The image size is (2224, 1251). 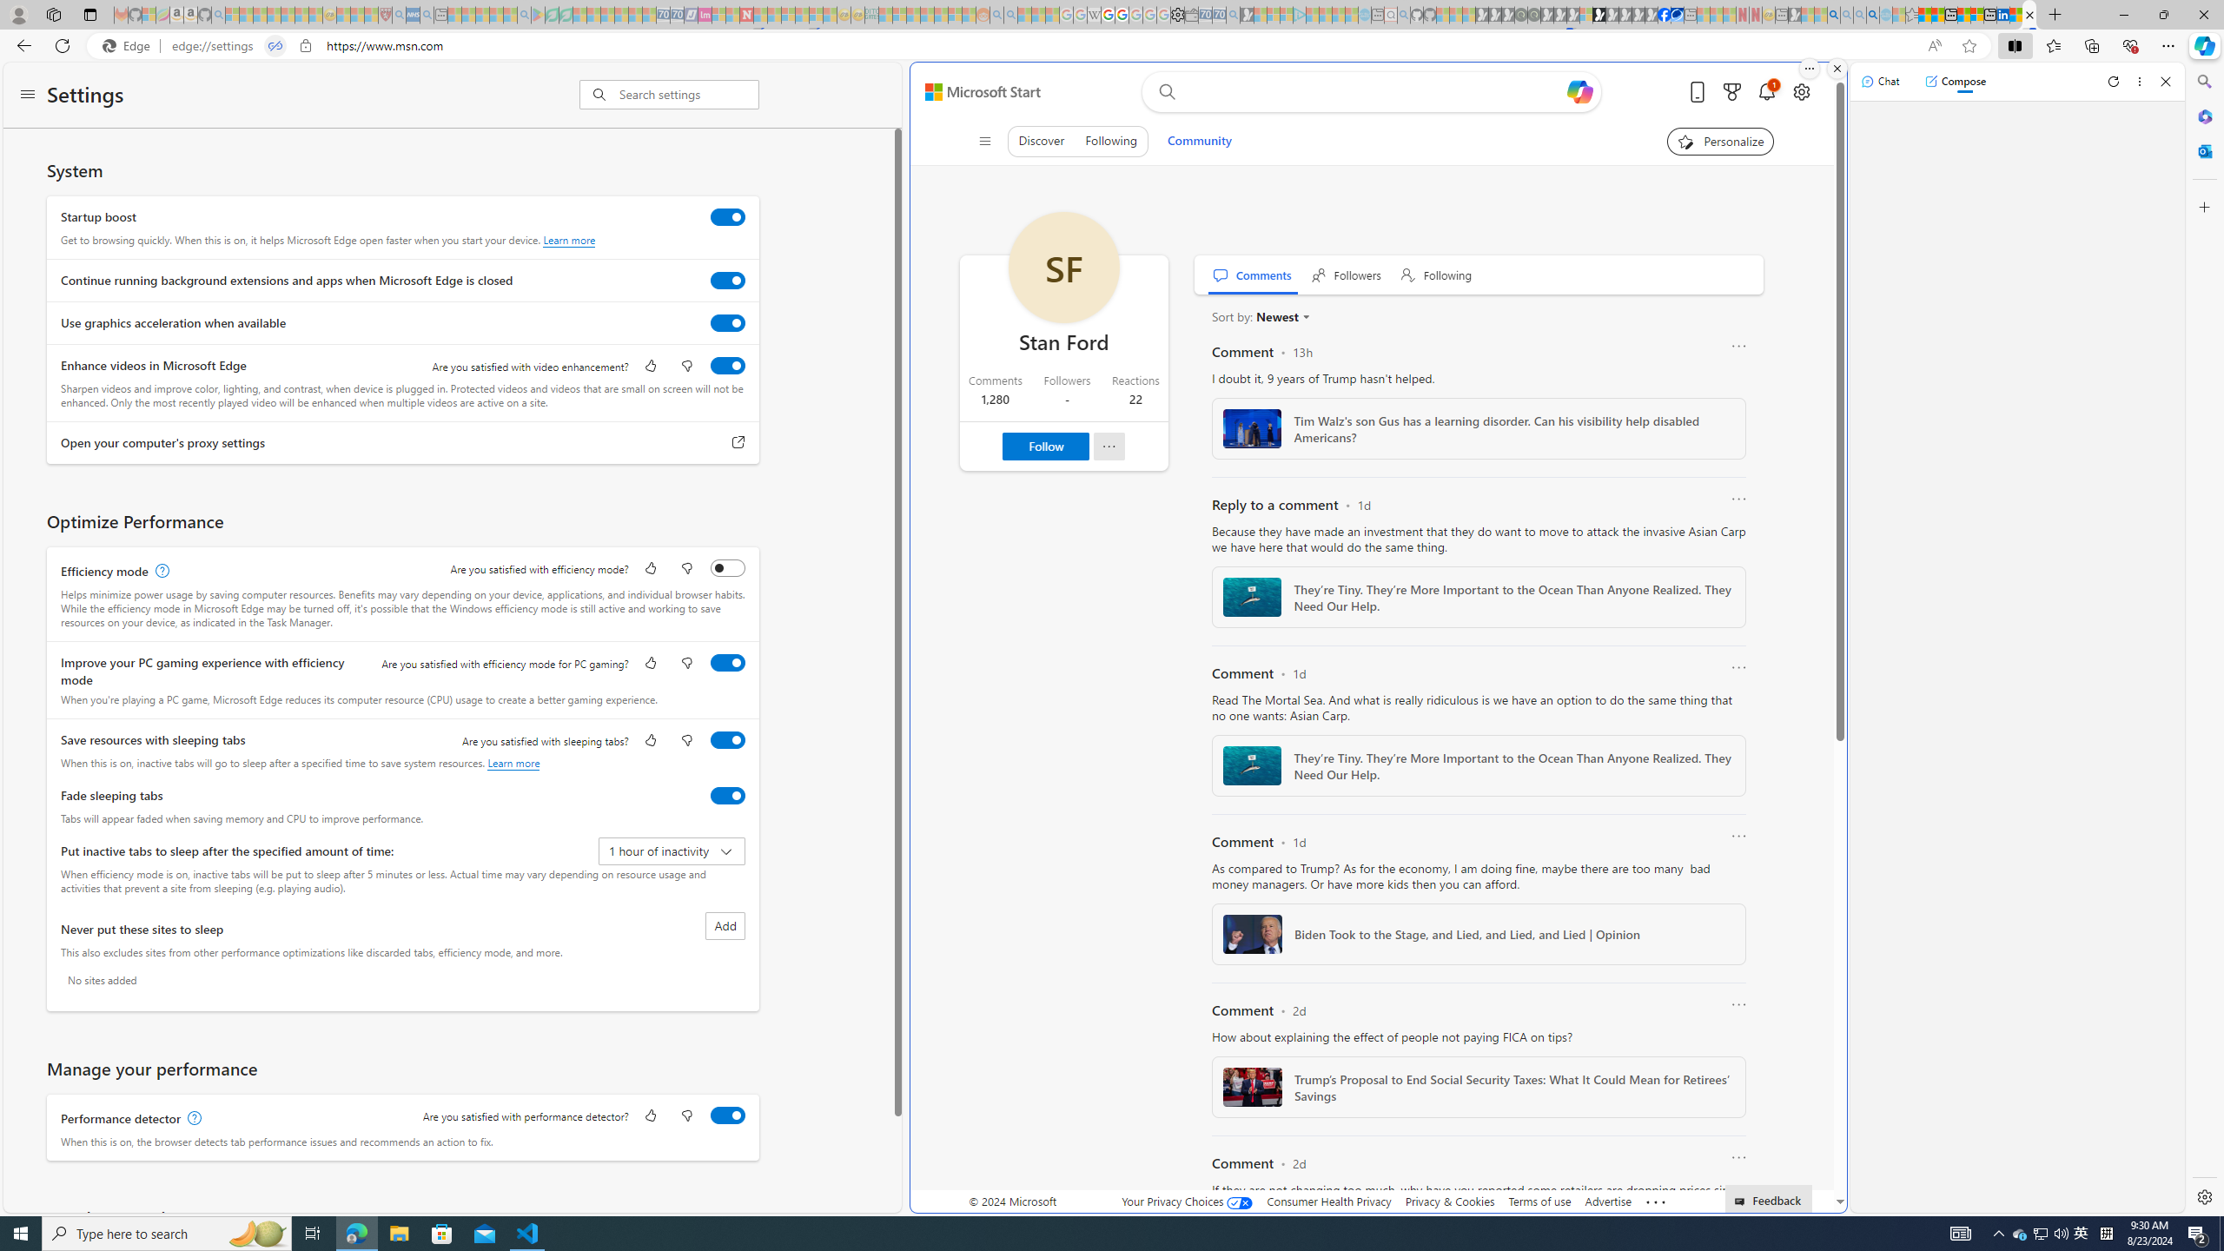 What do you see at coordinates (1253, 274) in the screenshot?
I see `' Comments'` at bounding box center [1253, 274].